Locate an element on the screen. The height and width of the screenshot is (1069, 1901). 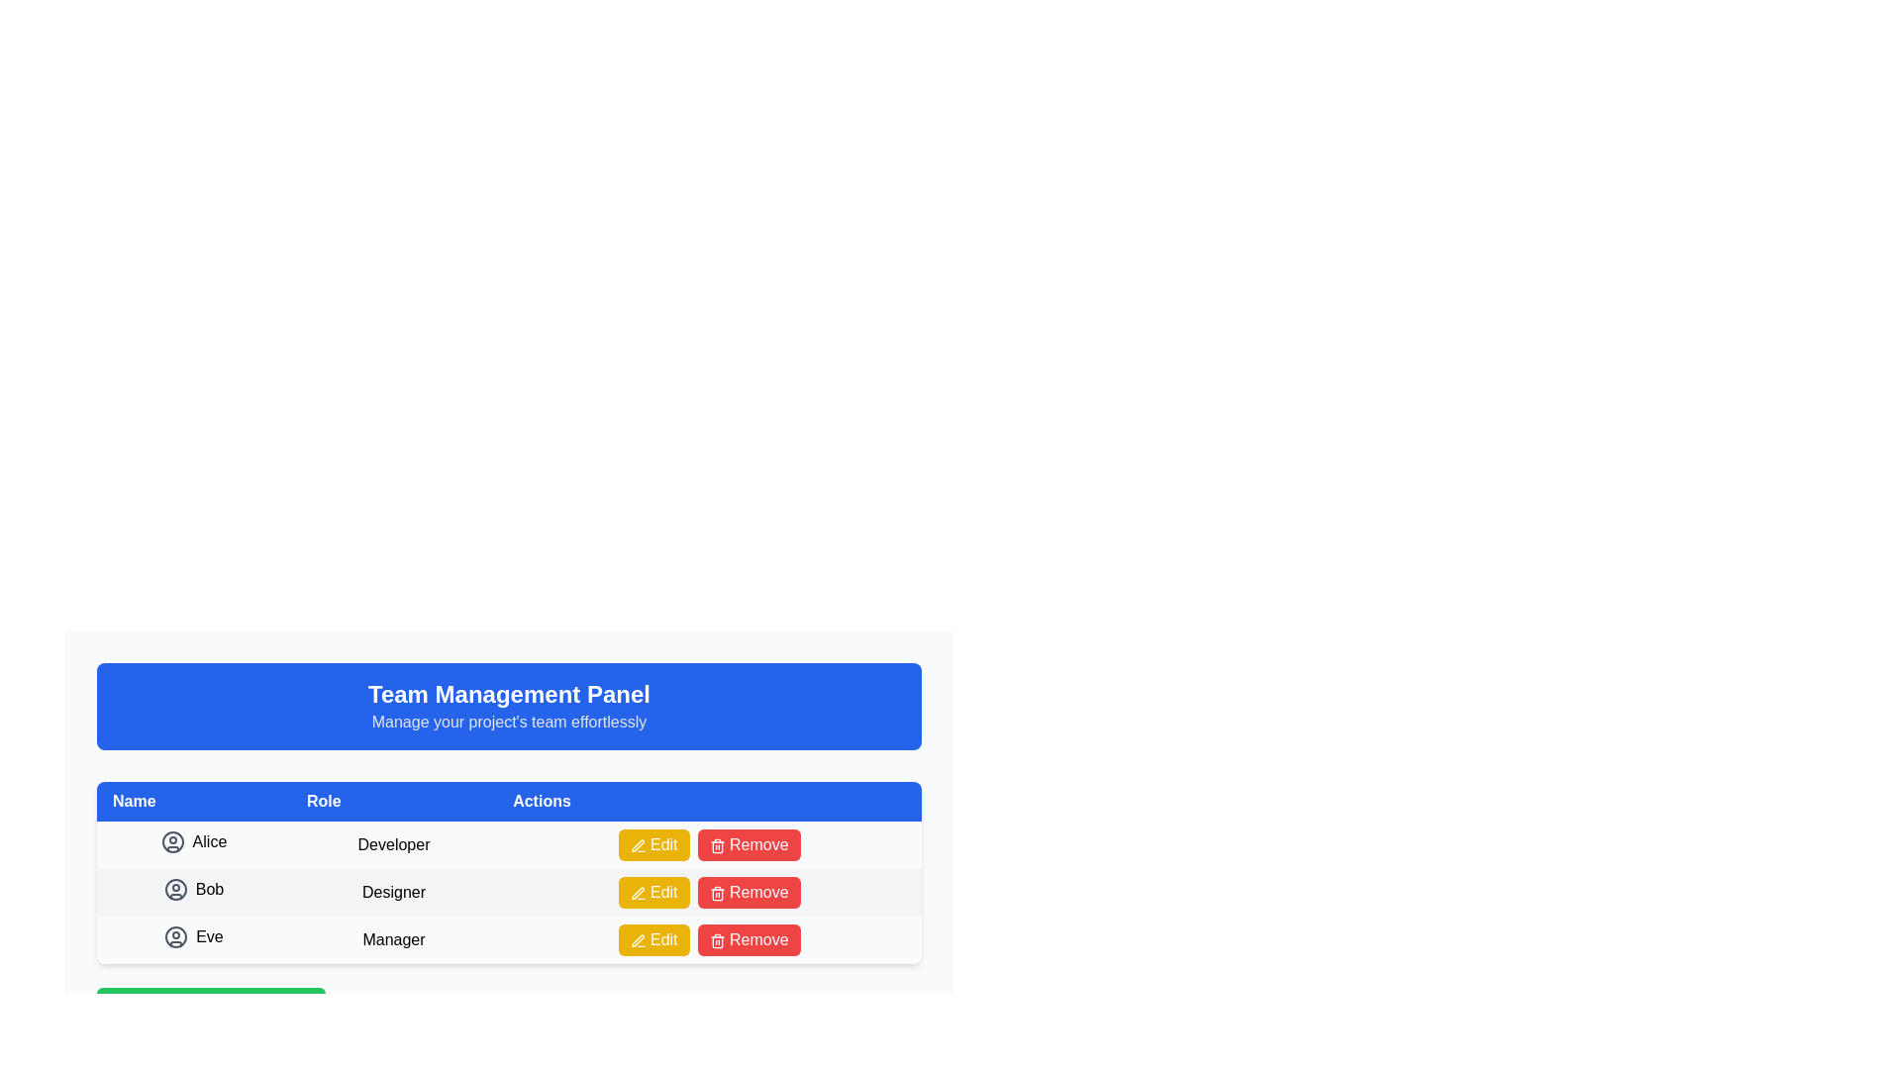
the 'Designer' text label located in the 'Role' column of the second row in the table interface is located at coordinates (394, 893).